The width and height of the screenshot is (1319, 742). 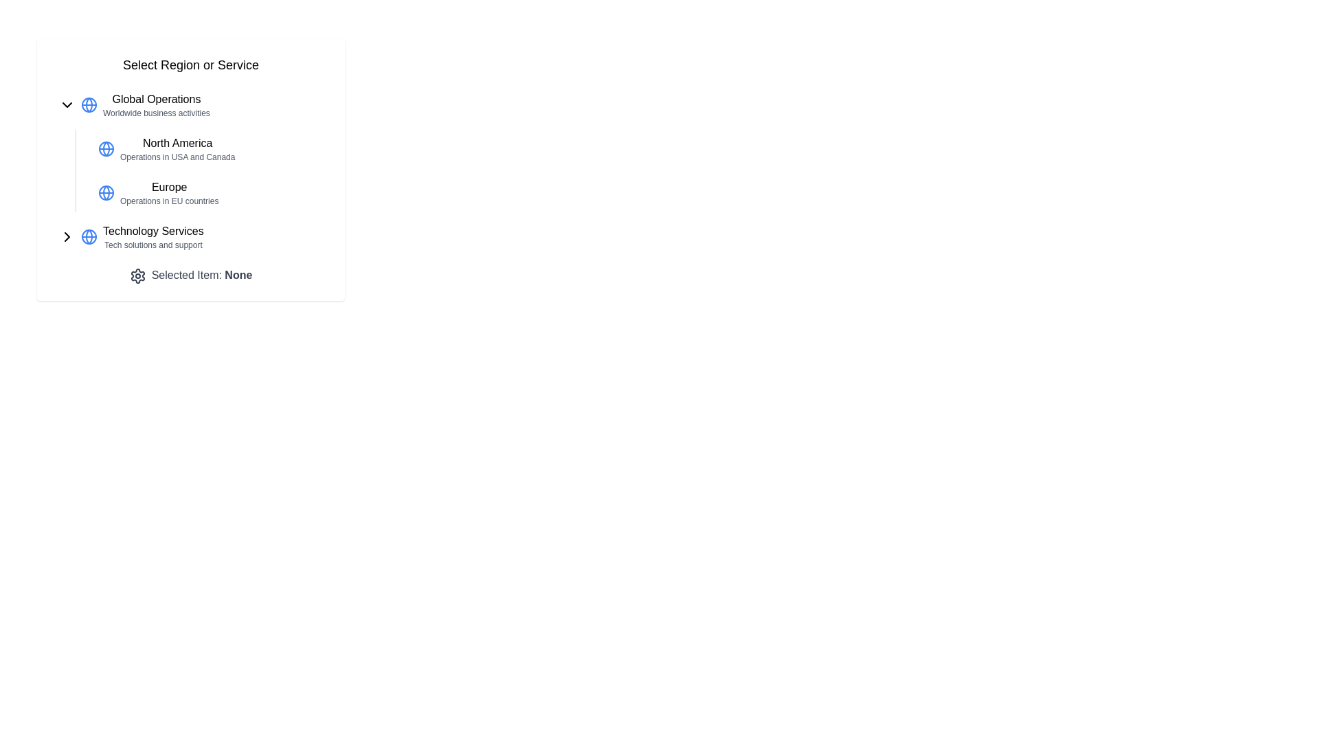 What do you see at coordinates (105, 193) in the screenshot?
I see `the SVG icon resembling a globe, which is styled in blue and located to the left of the text 'Europe'` at bounding box center [105, 193].